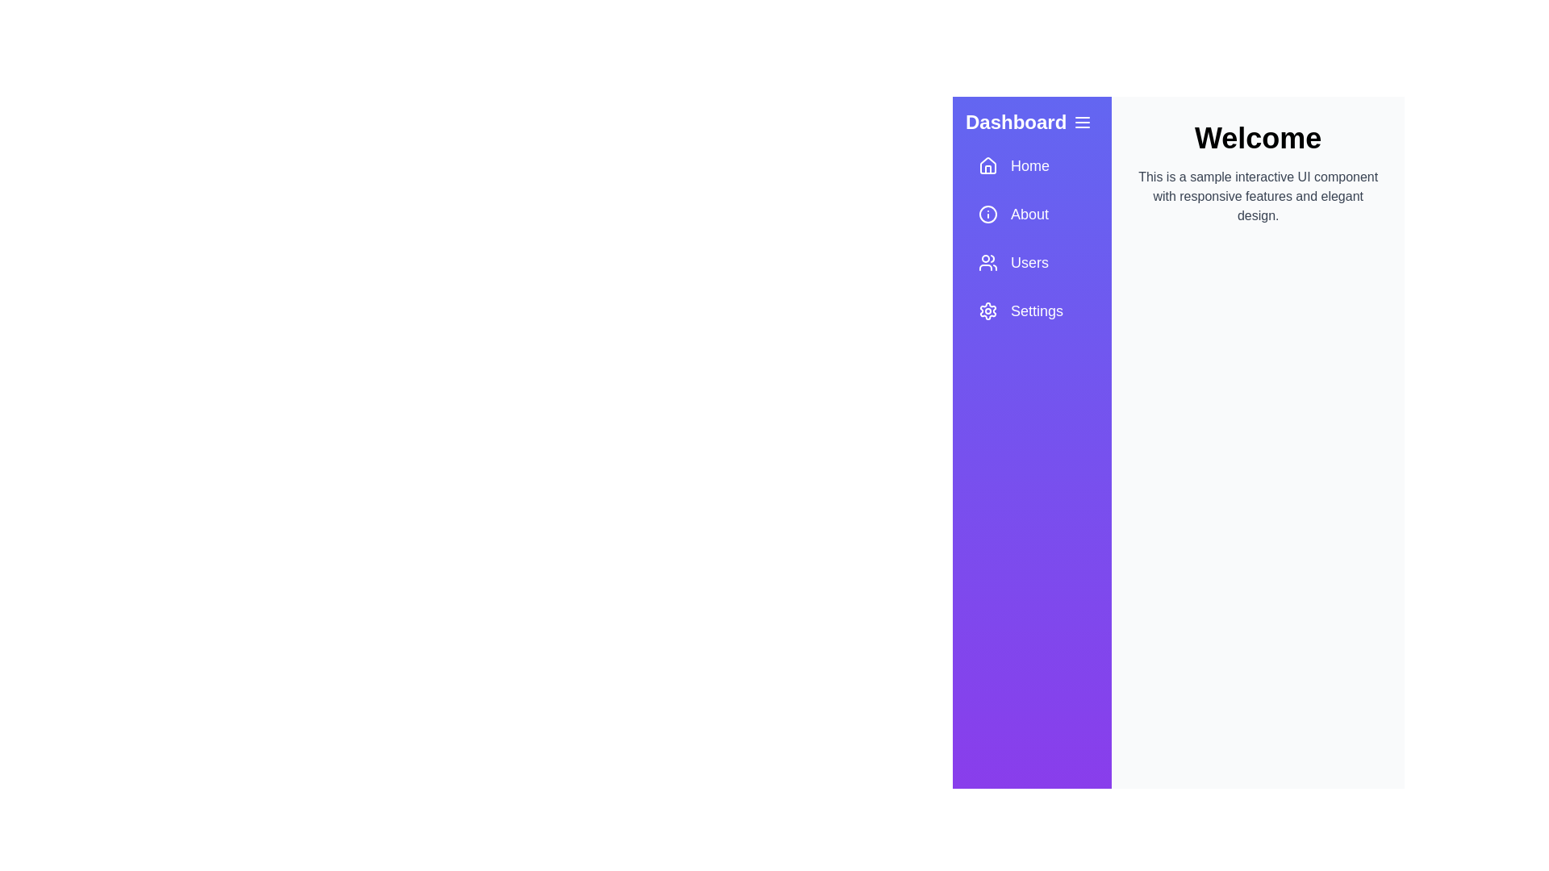 The width and height of the screenshot is (1549, 871). What do you see at coordinates (1031, 310) in the screenshot?
I see `the navigation item Settings to trigger its action` at bounding box center [1031, 310].